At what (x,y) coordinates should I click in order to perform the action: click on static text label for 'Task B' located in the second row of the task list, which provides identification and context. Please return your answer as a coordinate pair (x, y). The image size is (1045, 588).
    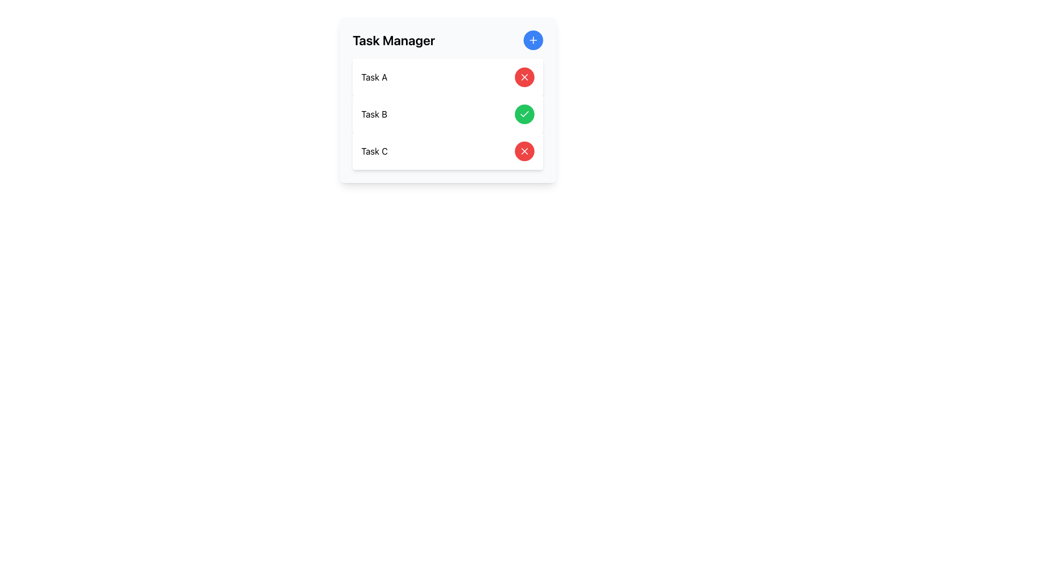
    Looking at the image, I should click on (374, 114).